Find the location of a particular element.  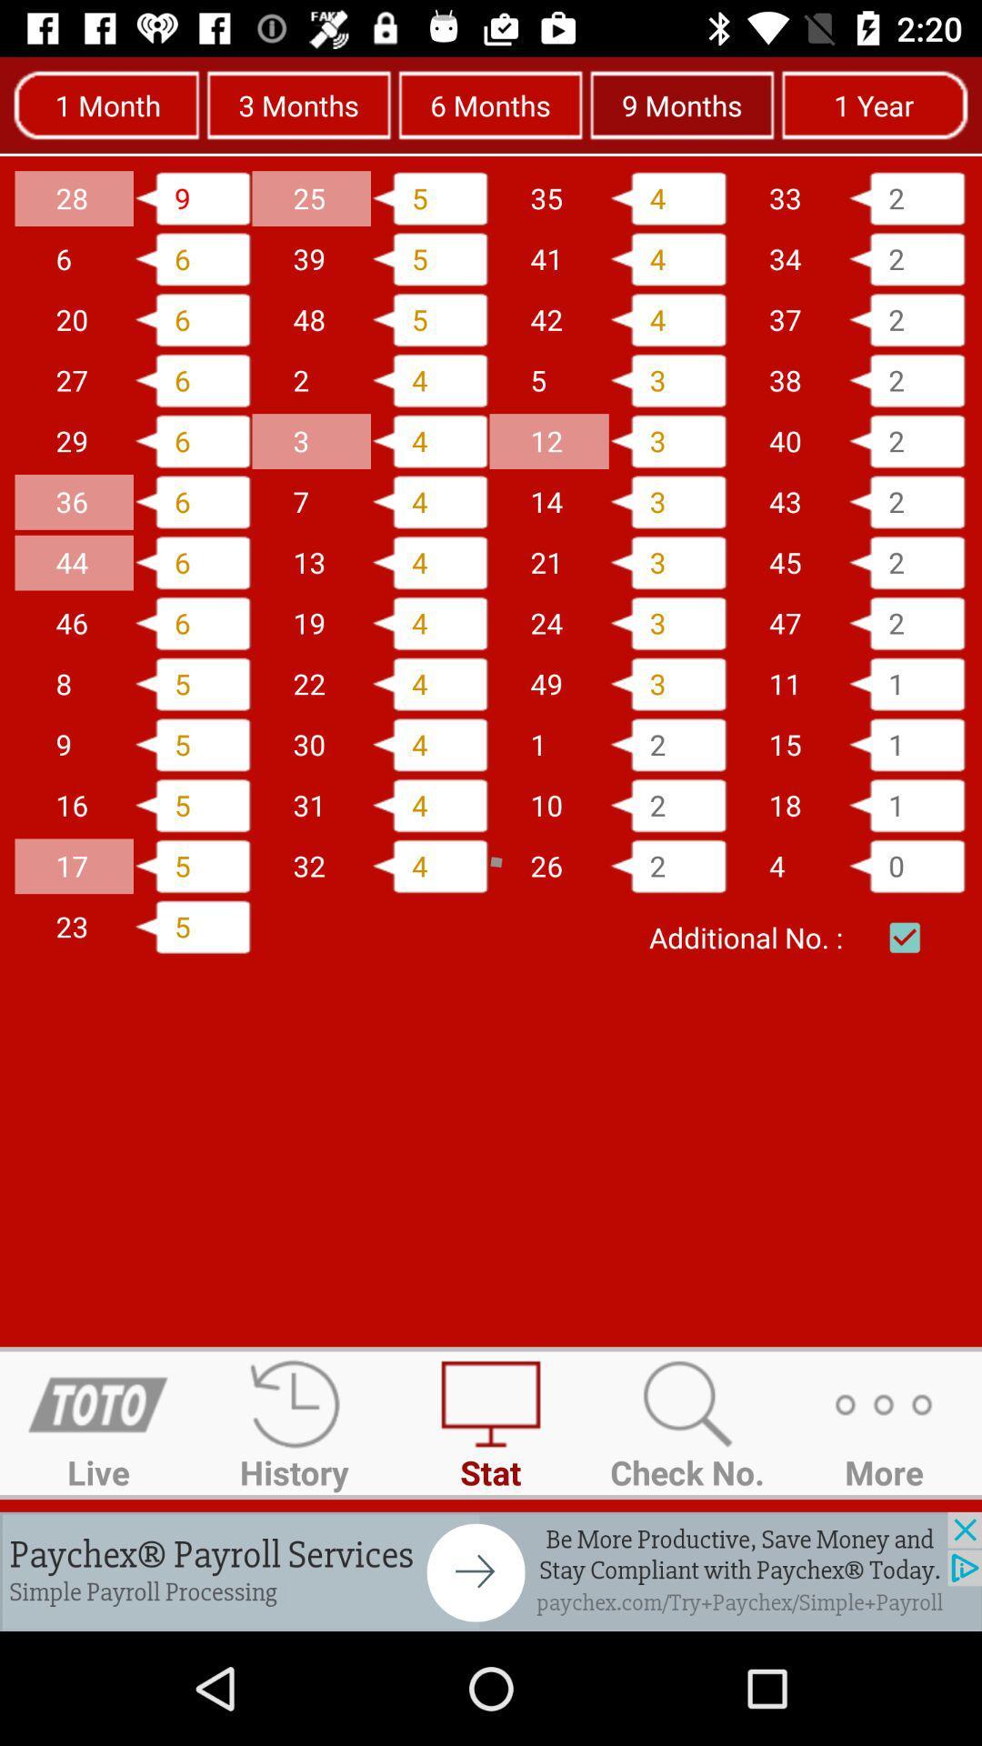

advertisement is located at coordinates (491, 1570).